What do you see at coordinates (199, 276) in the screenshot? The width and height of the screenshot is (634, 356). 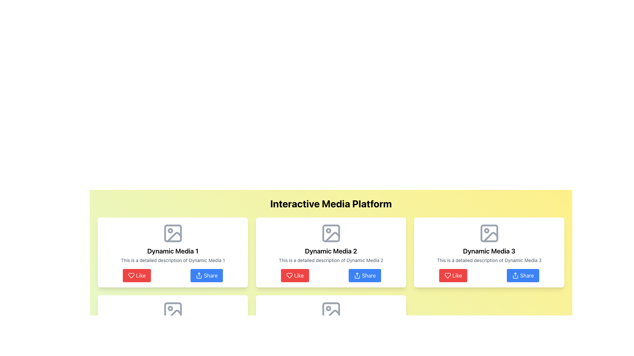 I see `the 'Share' icon inside the rounded rectangular button` at bounding box center [199, 276].